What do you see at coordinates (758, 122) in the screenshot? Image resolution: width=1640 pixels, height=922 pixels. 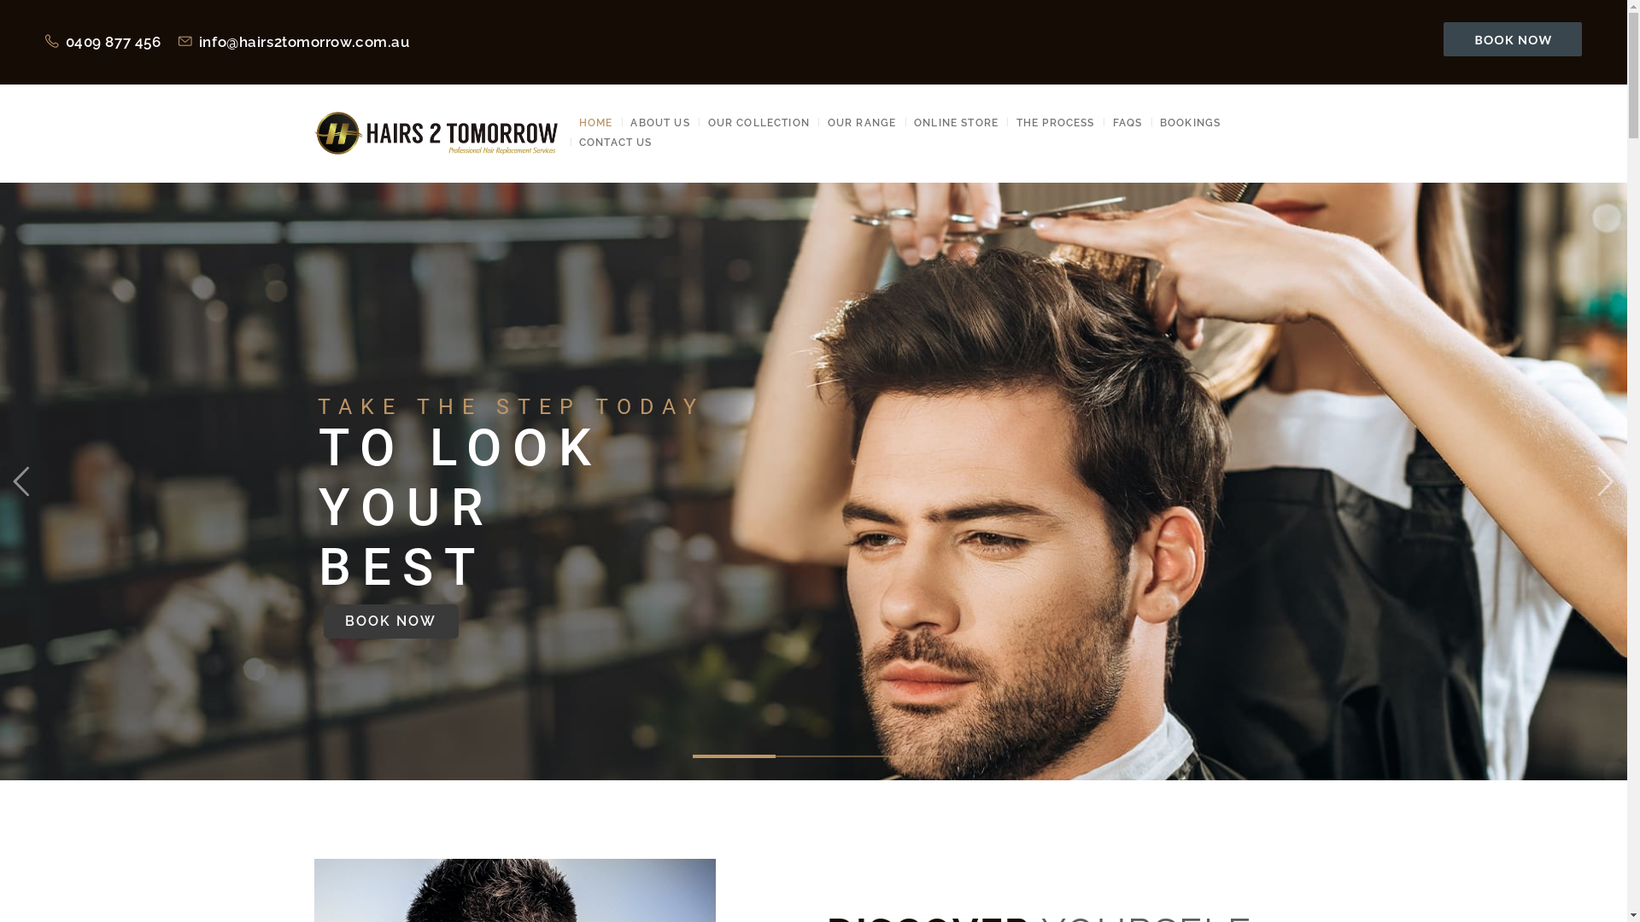 I see `'OUR COLLECTION'` at bounding box center [758, 122].